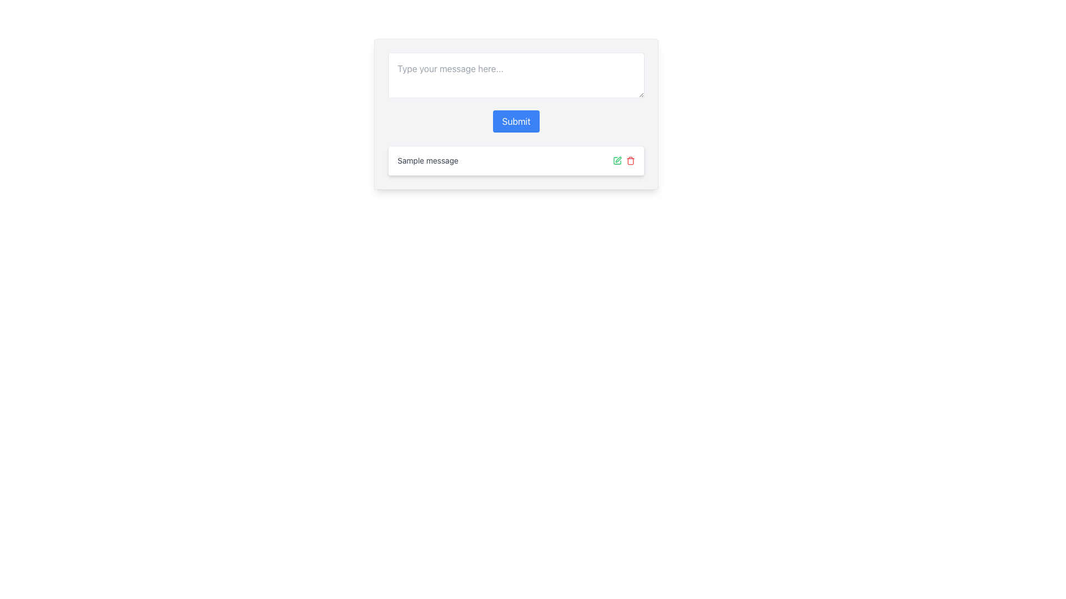 This screenshot has width=1066, height=599. I want to click on the red trash icon button located on the right side of the text box containing 'Sample message', so click(631, 160).